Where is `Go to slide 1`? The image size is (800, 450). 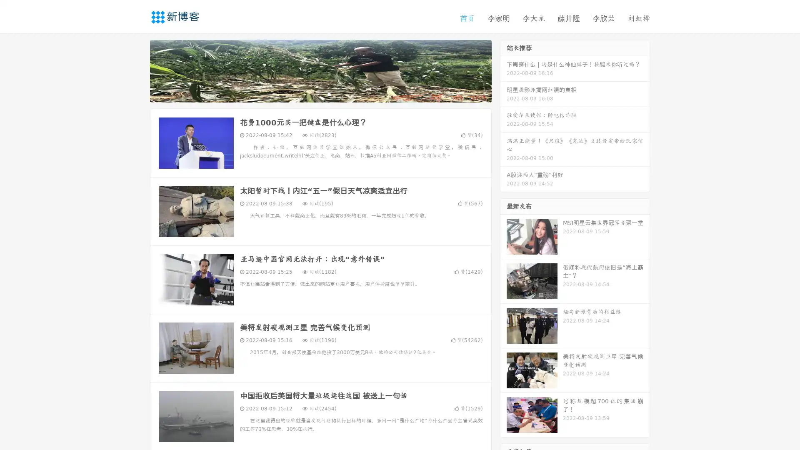 Go to slide 1 is located at coordinates (312, 94).